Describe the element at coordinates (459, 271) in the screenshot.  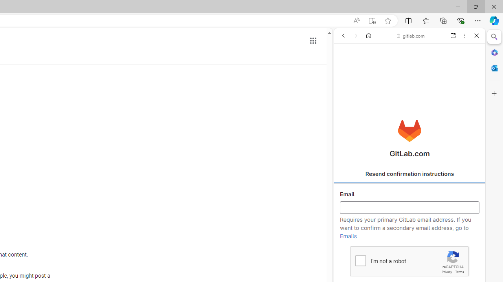
I see `'Terms'` at that location.